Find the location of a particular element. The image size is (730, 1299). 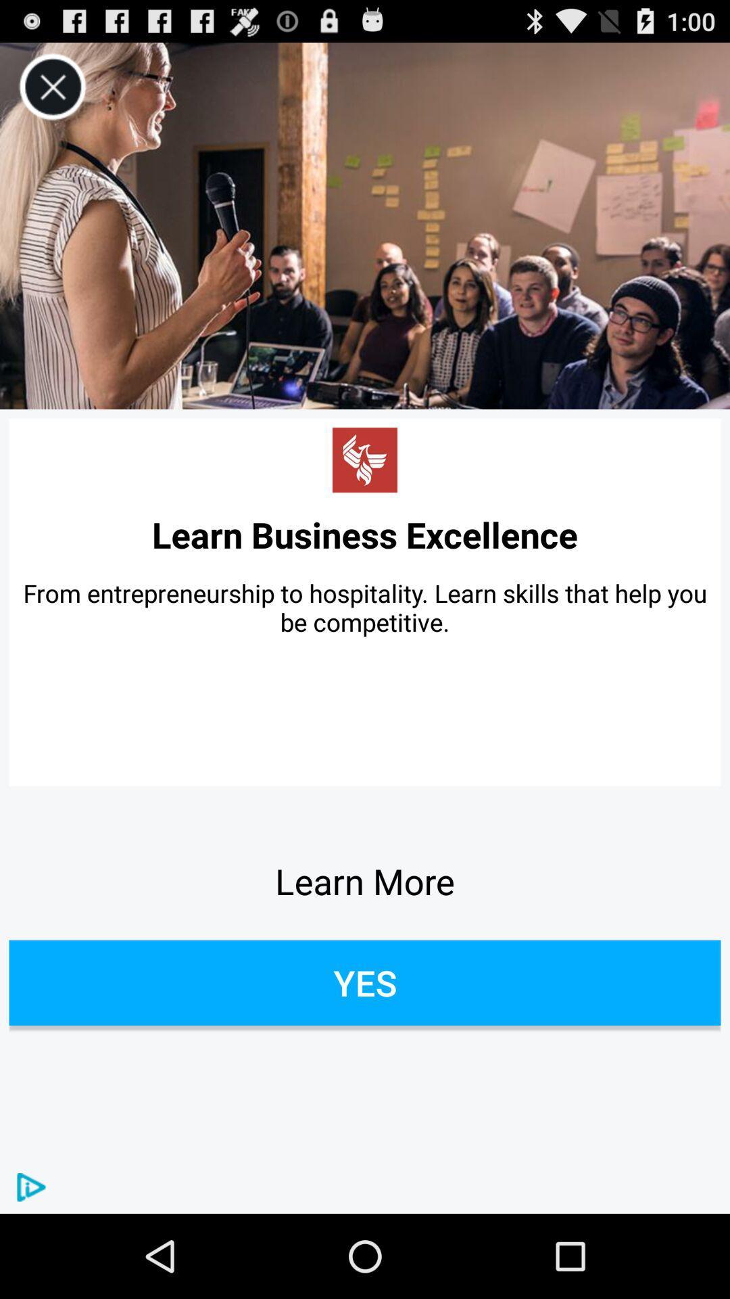

learn business excellence is located at coordinates (365, 534).